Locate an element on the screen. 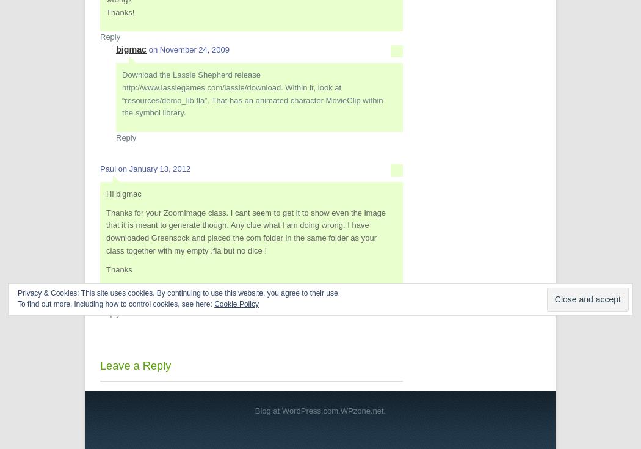 This screenshot has width=641, height=449. 'Hi bigmac' is located at coordinates (123, 192).